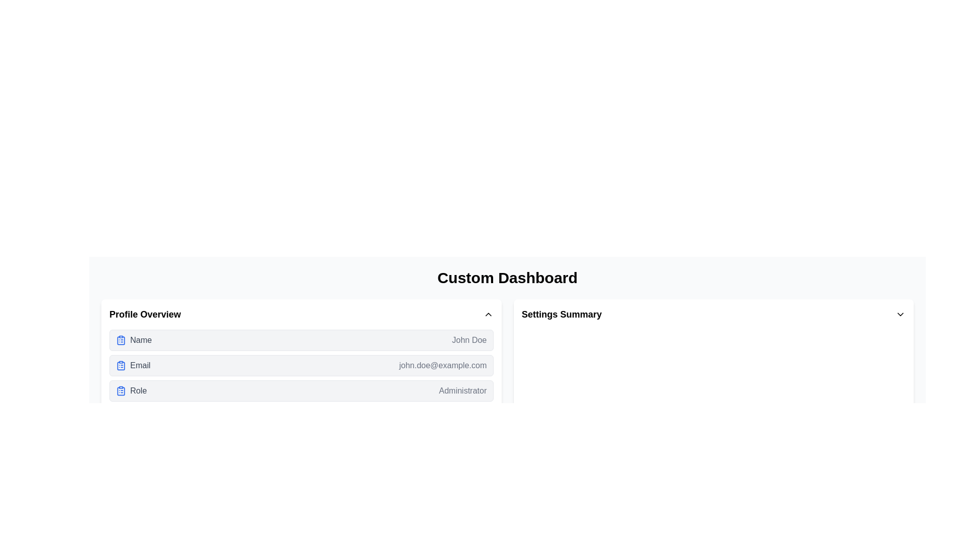  What do you see at coordinates (462, 390) in the screenshot?
I see `the 'Administrator' label located in the 'Role' section under the 'Profile Overview' panel on the left side of the interface, which follows the 'Role' label` at bounding box center [462, 390].